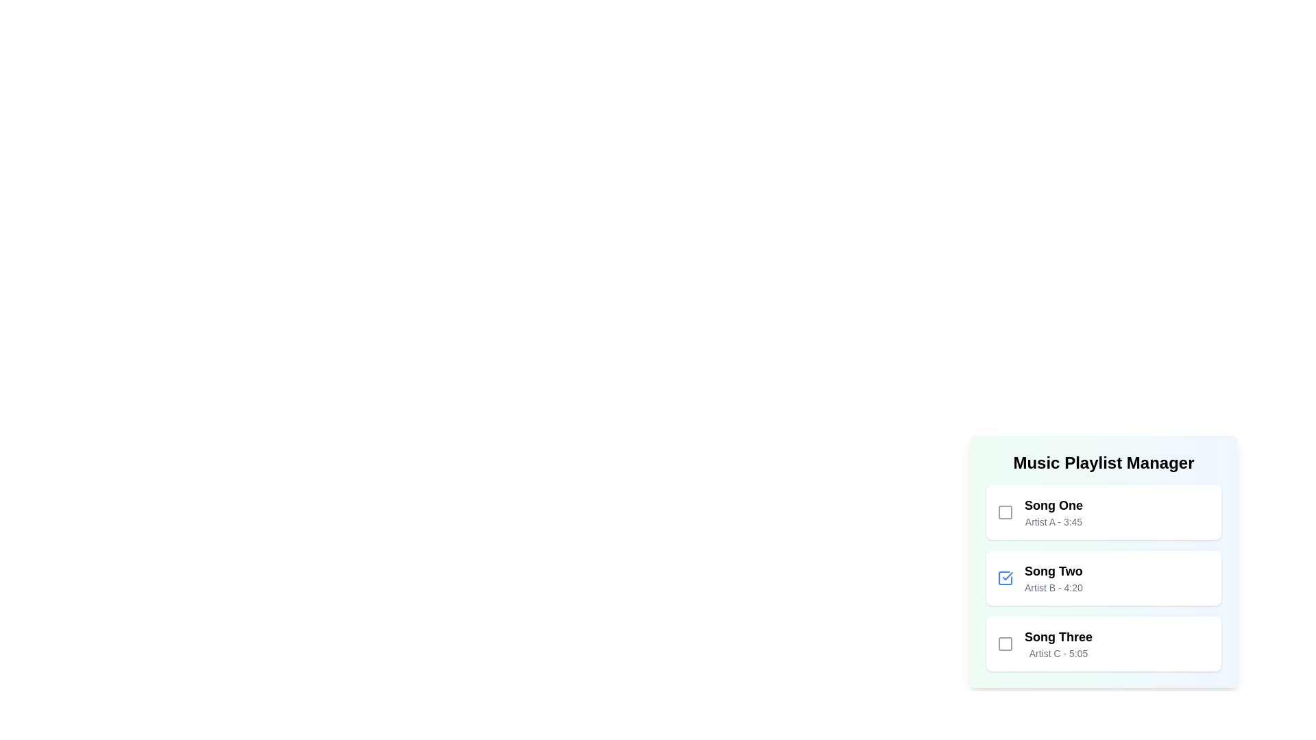 The width and height of the screenshot is (1316, 740). What do you see at coordinates (1104, 513) in the screenshot?
I see `the checkbox of the first playlist entry in the 'Music Playlist Manager' to check the box and mark the song` at bounding box center [1104, 513].